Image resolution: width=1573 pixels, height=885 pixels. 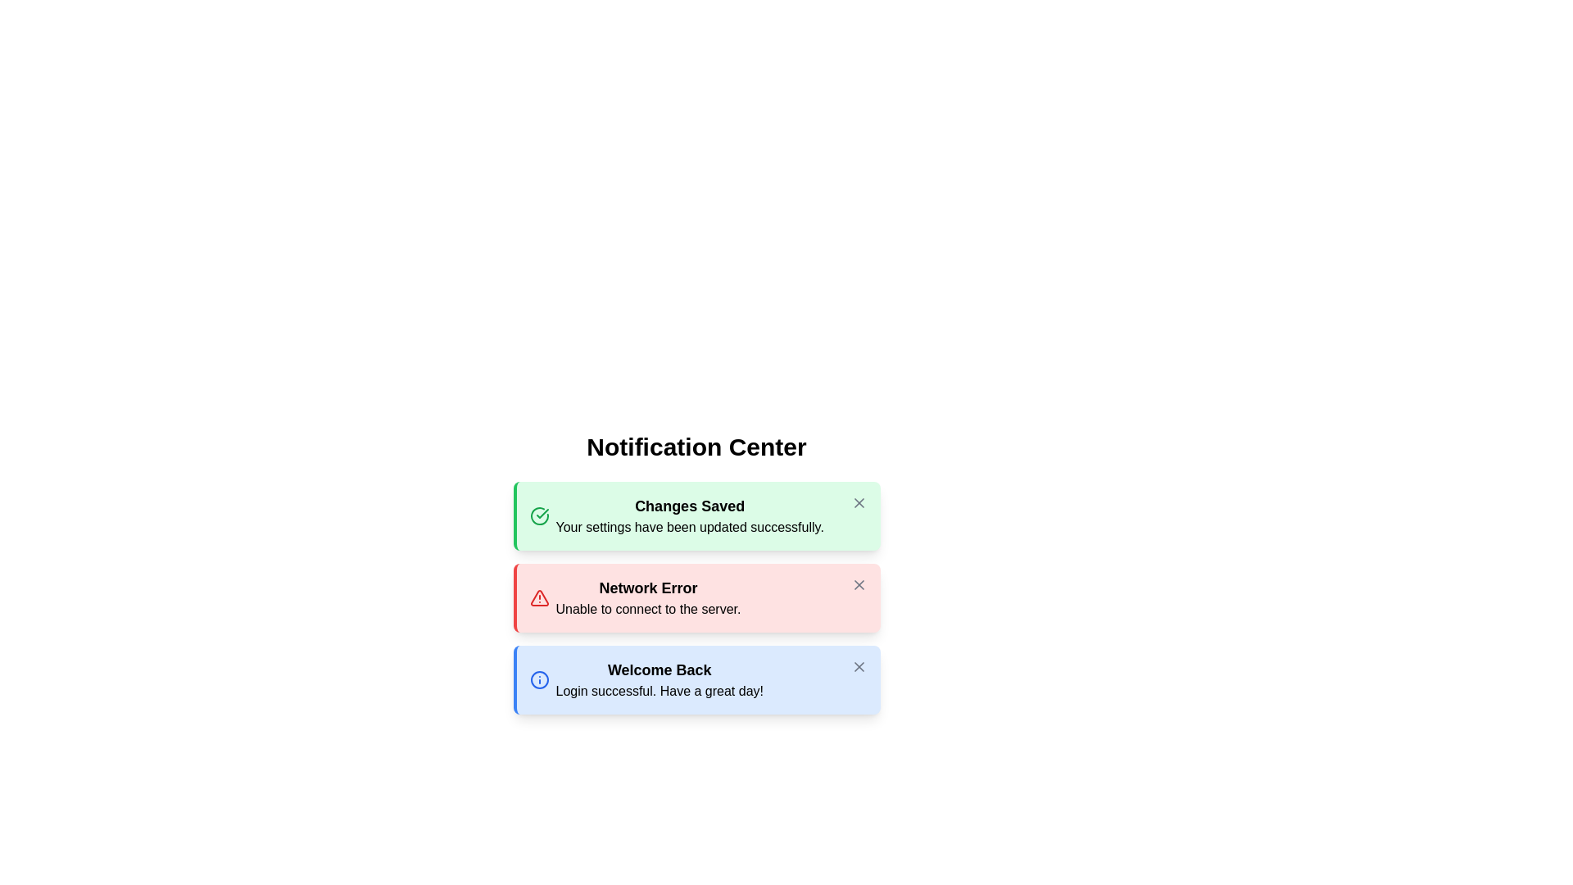 I want to click on the Notification alert box that informs the user about a network error and the inability to connect to the server to adjust settings or troubleshoot based on the message, so click(x=634, y=597).